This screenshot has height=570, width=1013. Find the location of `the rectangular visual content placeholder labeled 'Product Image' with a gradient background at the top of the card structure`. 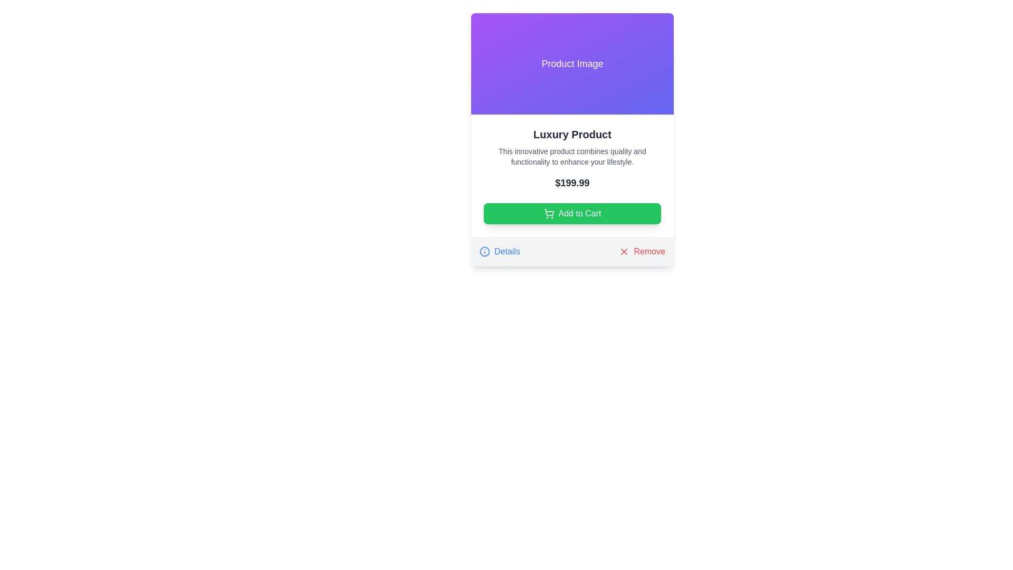

the rectangular visual content placeholder labeled 'Product Image' with a gradient background at the top of the card structure is located at coordinates (571, 63).